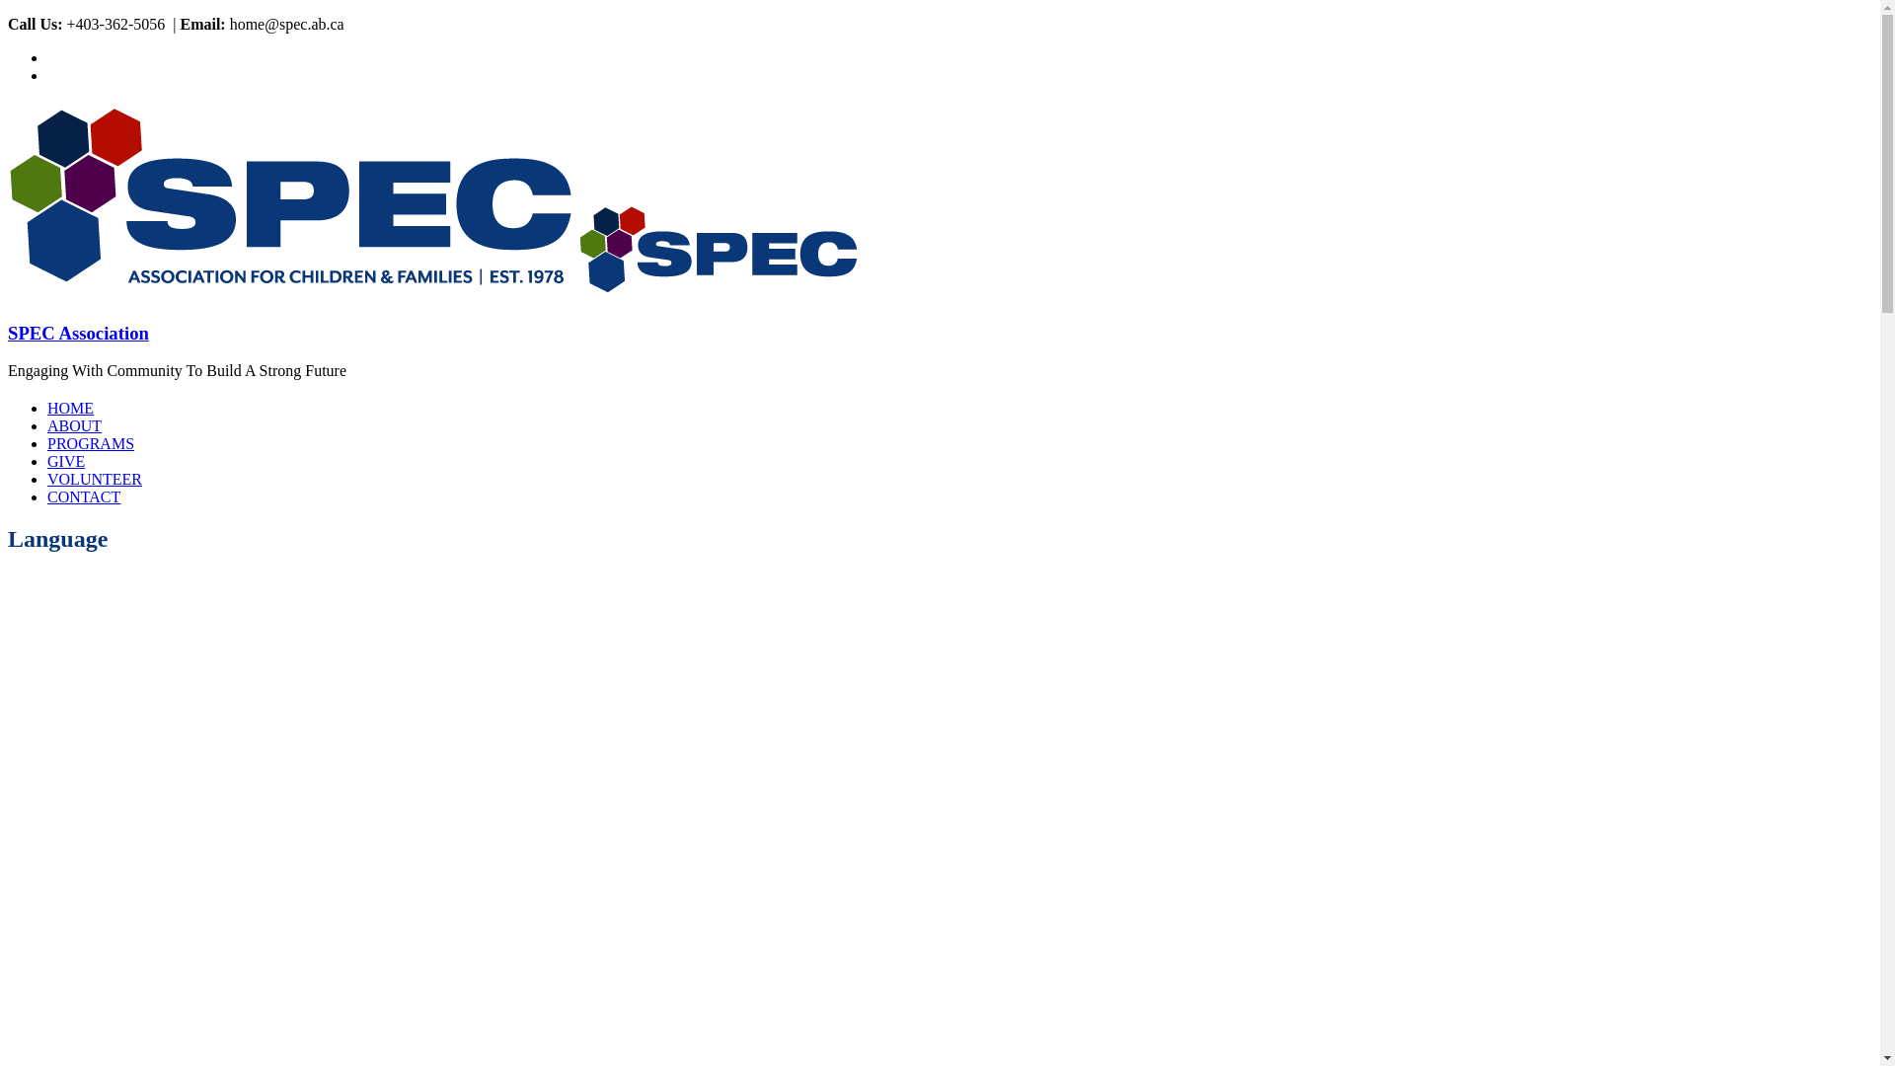 This screenshot has height=1066, width=1895. What do you see at coordinates (83, 495) in the screenshot?
I see `'CONTACT'` at bounding box center [83, 495].